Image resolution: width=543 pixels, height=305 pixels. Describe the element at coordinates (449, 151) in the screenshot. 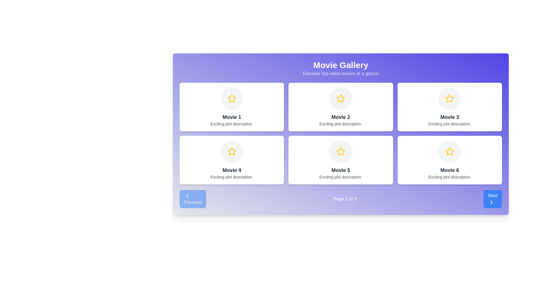

I see `the star icon used for rating or marking favorites, located in the bottom-right corner of the sixth tile in the gallery` at that location.